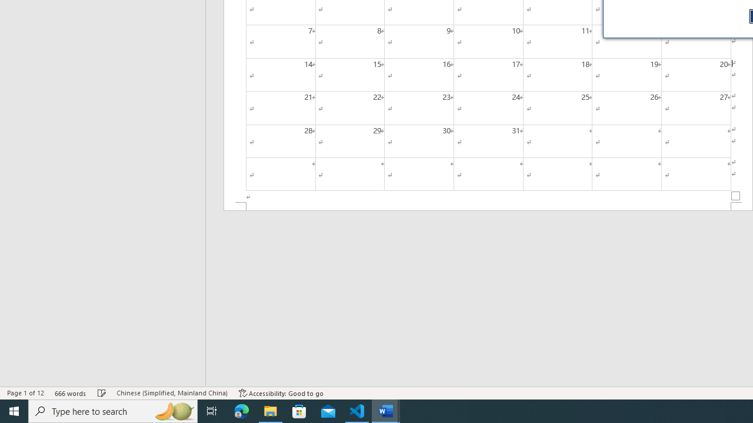 The image size is (753, 423). What do you see at coordinates (270, 410) in the screenshot?
I see `'File Explorer - 1 running window'` at bounding box center [270, 410].